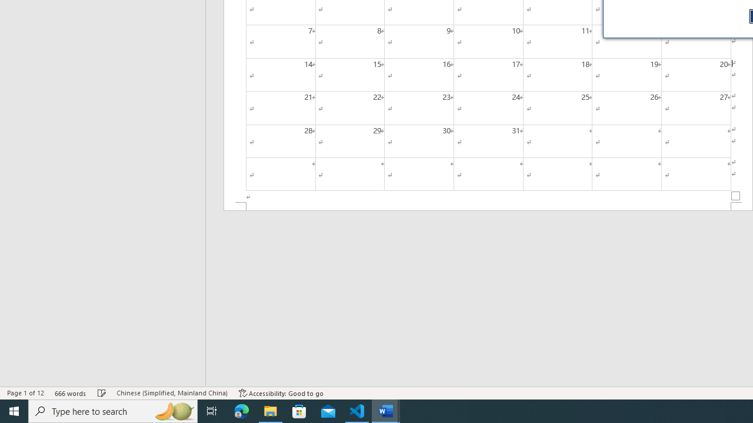 The image size is (753, 423). What do you see at coordinates (270, 410) in the screenshot?
I see `'File Explorer - 1 running window'` at bounding box center [270, 410].